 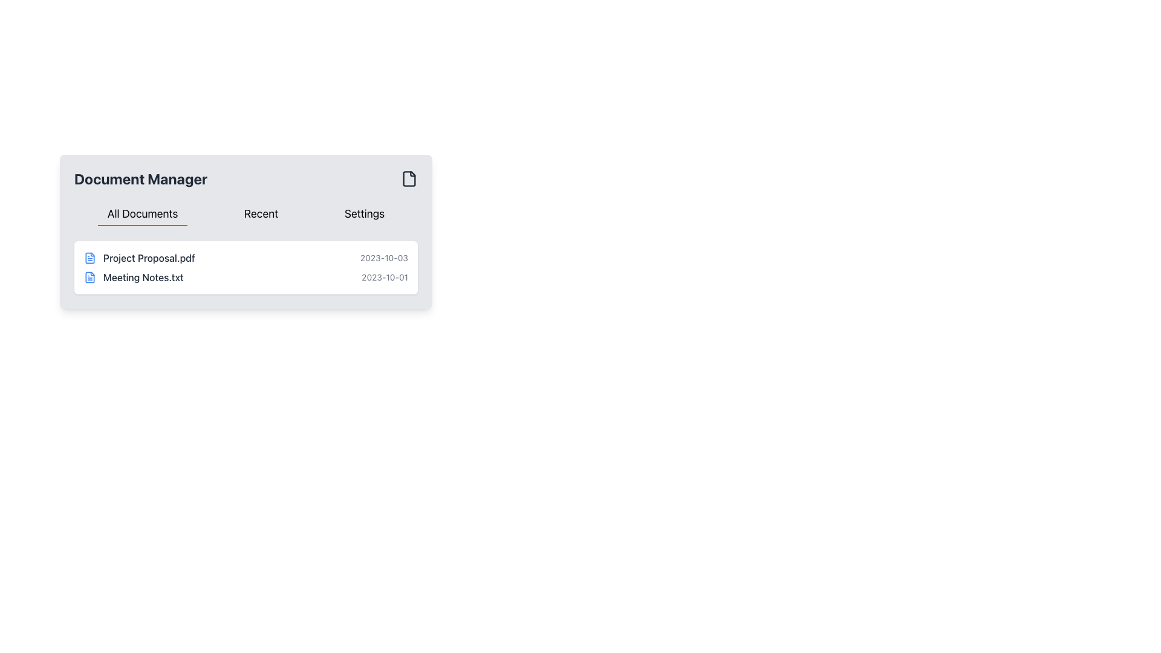 I want to click on the first file entry in the File List Item, which is 'Project Proposal.pdf', so click(x=246, y=267).